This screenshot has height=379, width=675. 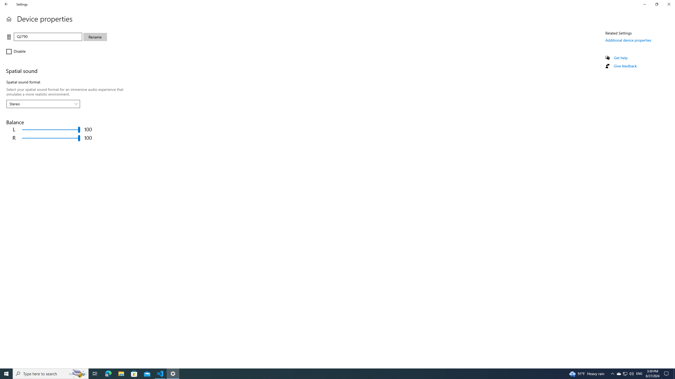 I want to click on 'Tray Input Indicator - English (United States)', so click(x=639, y=373).